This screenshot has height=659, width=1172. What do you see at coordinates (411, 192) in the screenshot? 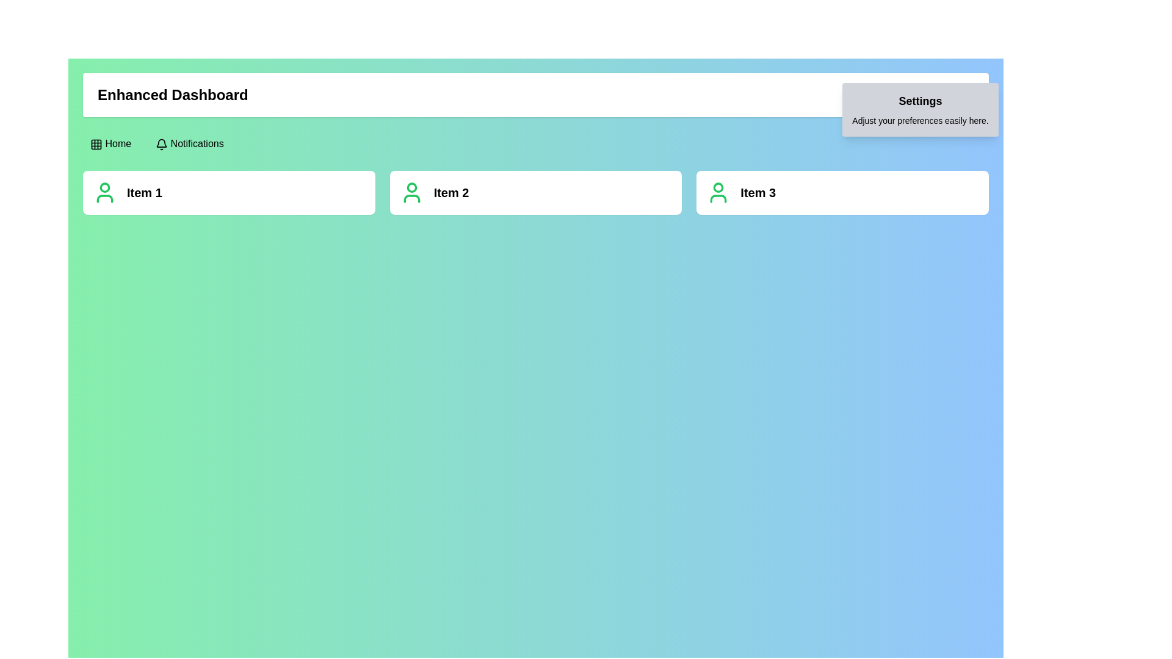
I see `the user profile icon located to the left of the text 'Item 2', which serves as a visual identifier for user-related actions` at bounding box center [411, 192].